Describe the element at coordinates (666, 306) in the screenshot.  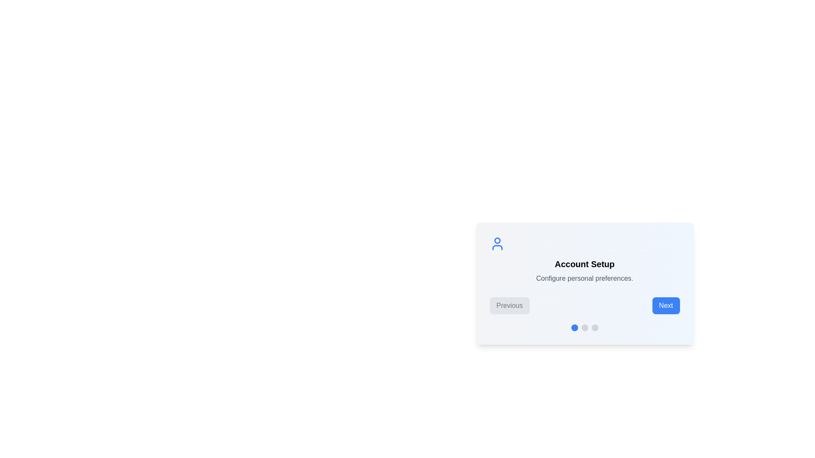
I see `the 'Next' button to navigate to the next step` at that location.